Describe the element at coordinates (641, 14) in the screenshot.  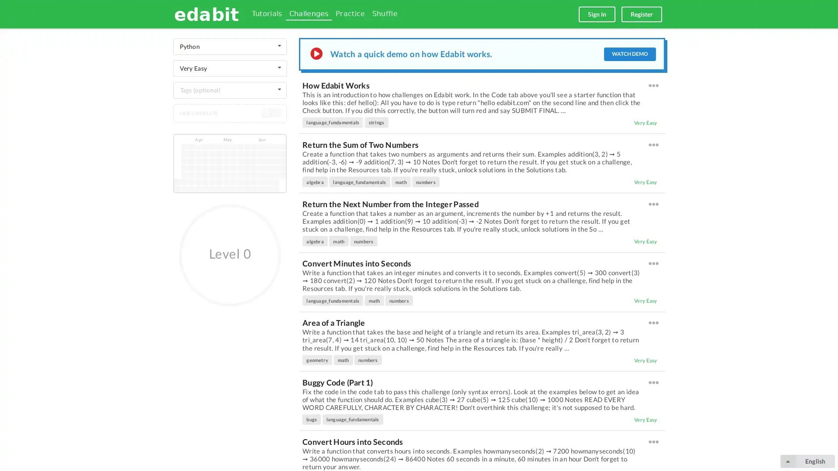
I see `Register` at that location.